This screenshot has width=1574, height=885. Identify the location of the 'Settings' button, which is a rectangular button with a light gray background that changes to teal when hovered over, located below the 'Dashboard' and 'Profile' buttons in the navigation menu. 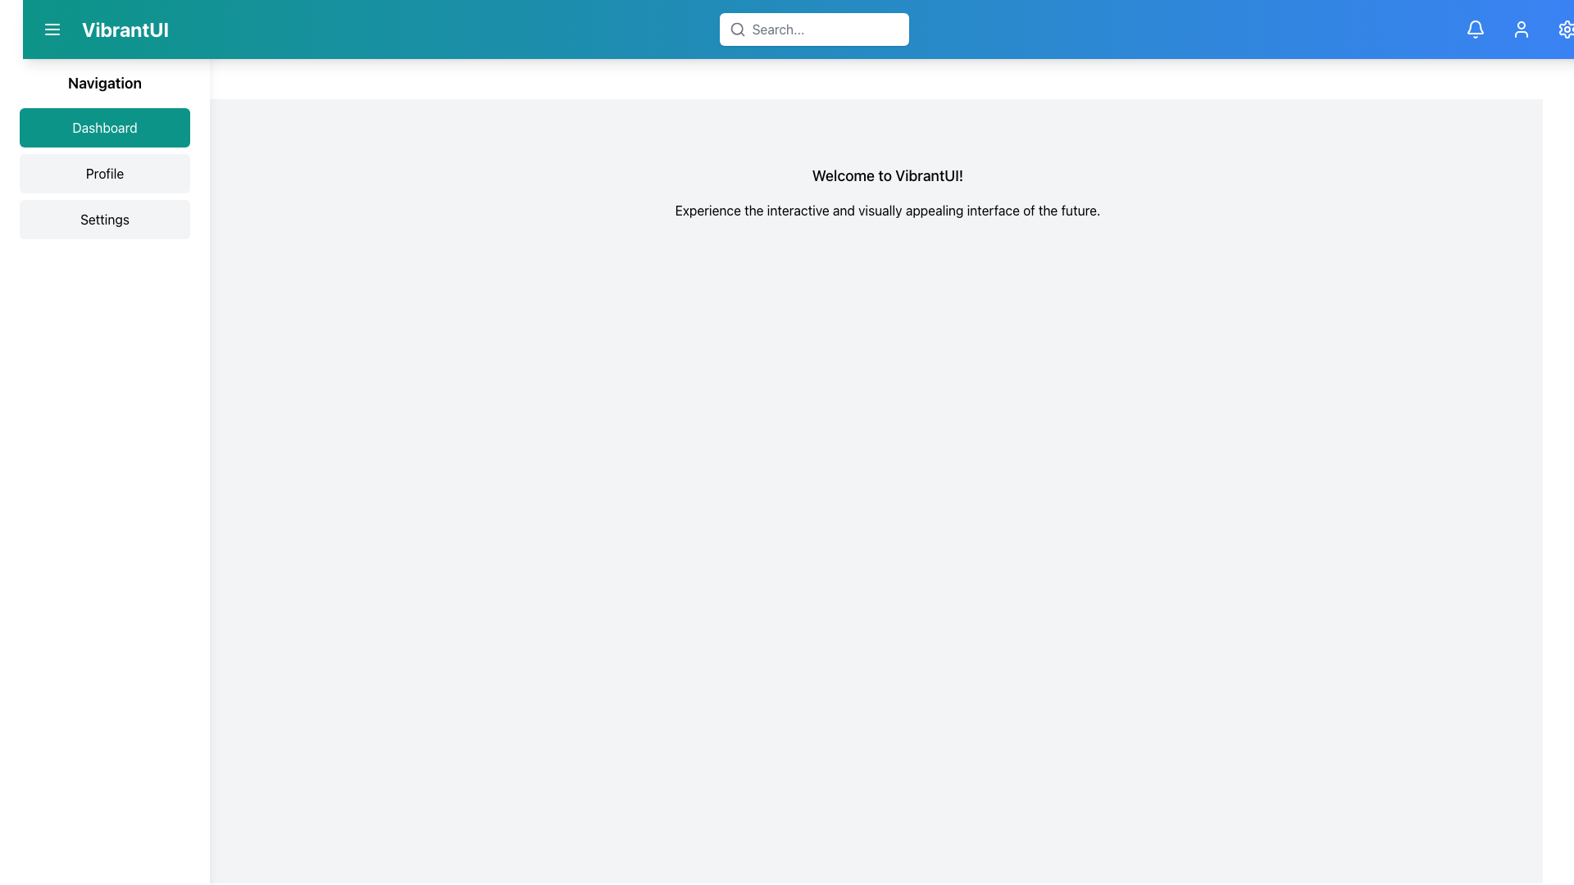
(104, 218).